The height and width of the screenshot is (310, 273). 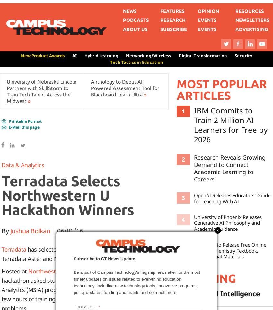 What do you see at coordinates (51, 271) in the screenshot?
I see `'Northwestern  U's'` at bounding box center [51, 271].